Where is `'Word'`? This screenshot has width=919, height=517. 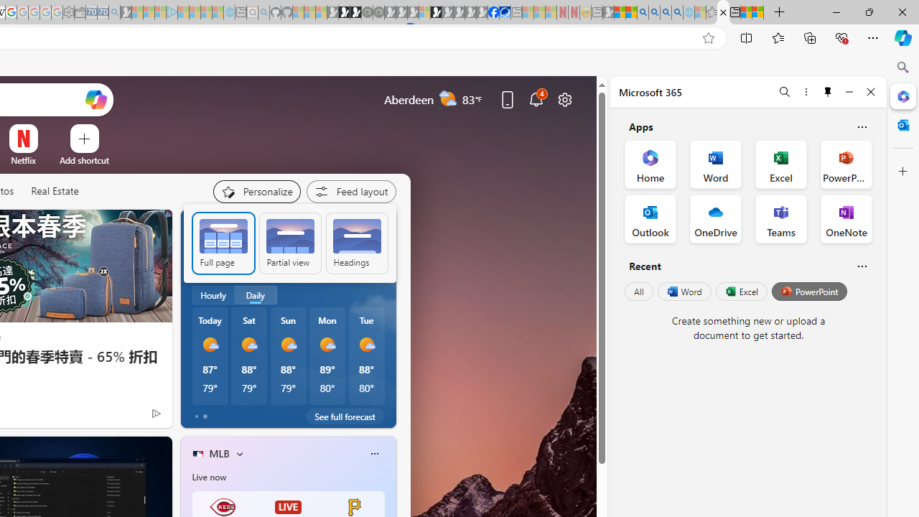
'Word' is located at coordinates (683, 291).